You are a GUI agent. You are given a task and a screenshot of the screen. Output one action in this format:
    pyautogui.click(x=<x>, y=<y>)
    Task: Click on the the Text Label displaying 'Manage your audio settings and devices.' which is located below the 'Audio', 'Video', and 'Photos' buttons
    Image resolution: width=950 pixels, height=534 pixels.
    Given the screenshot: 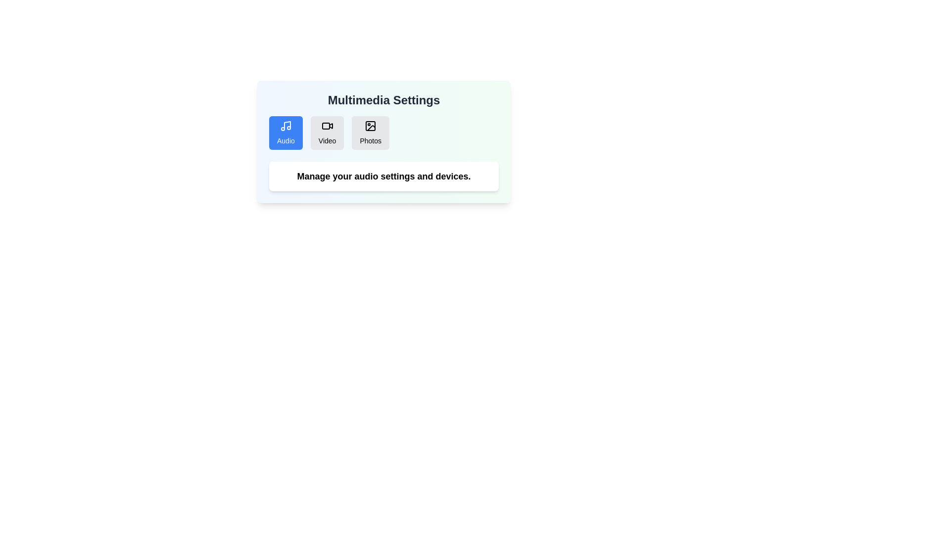 What is the action you would take?
    pyautogui.click(x=383, y=176)
    